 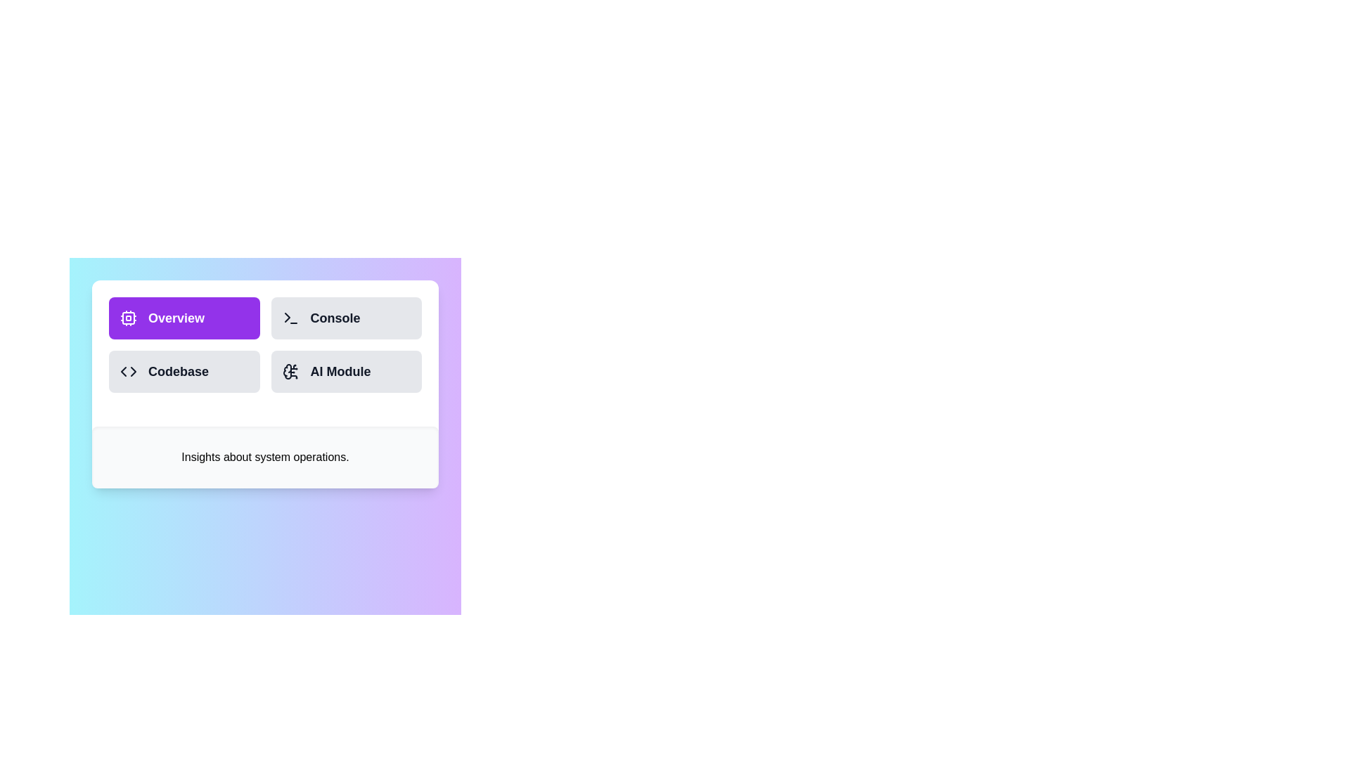 I want to click on the menu option labeled 'Console' to view its content, so click(x=347, y=318).